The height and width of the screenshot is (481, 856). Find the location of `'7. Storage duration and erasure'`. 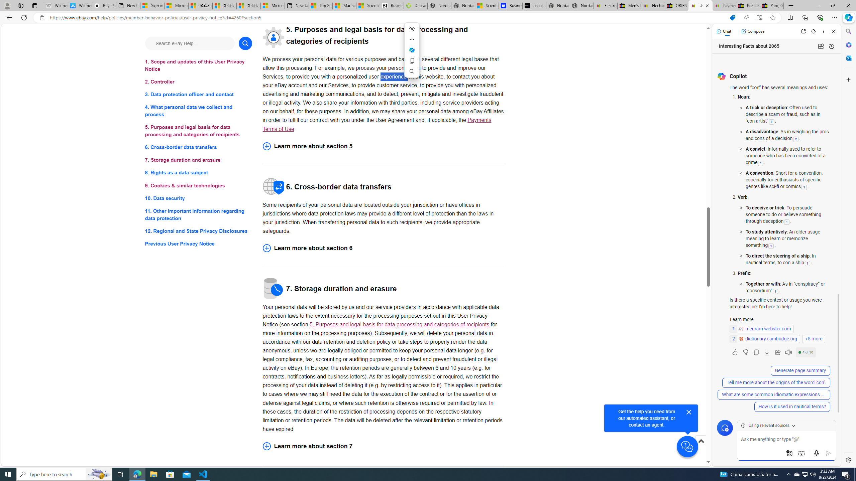

'7. Storage duration and erasure' is located at coordinates (198, 160).